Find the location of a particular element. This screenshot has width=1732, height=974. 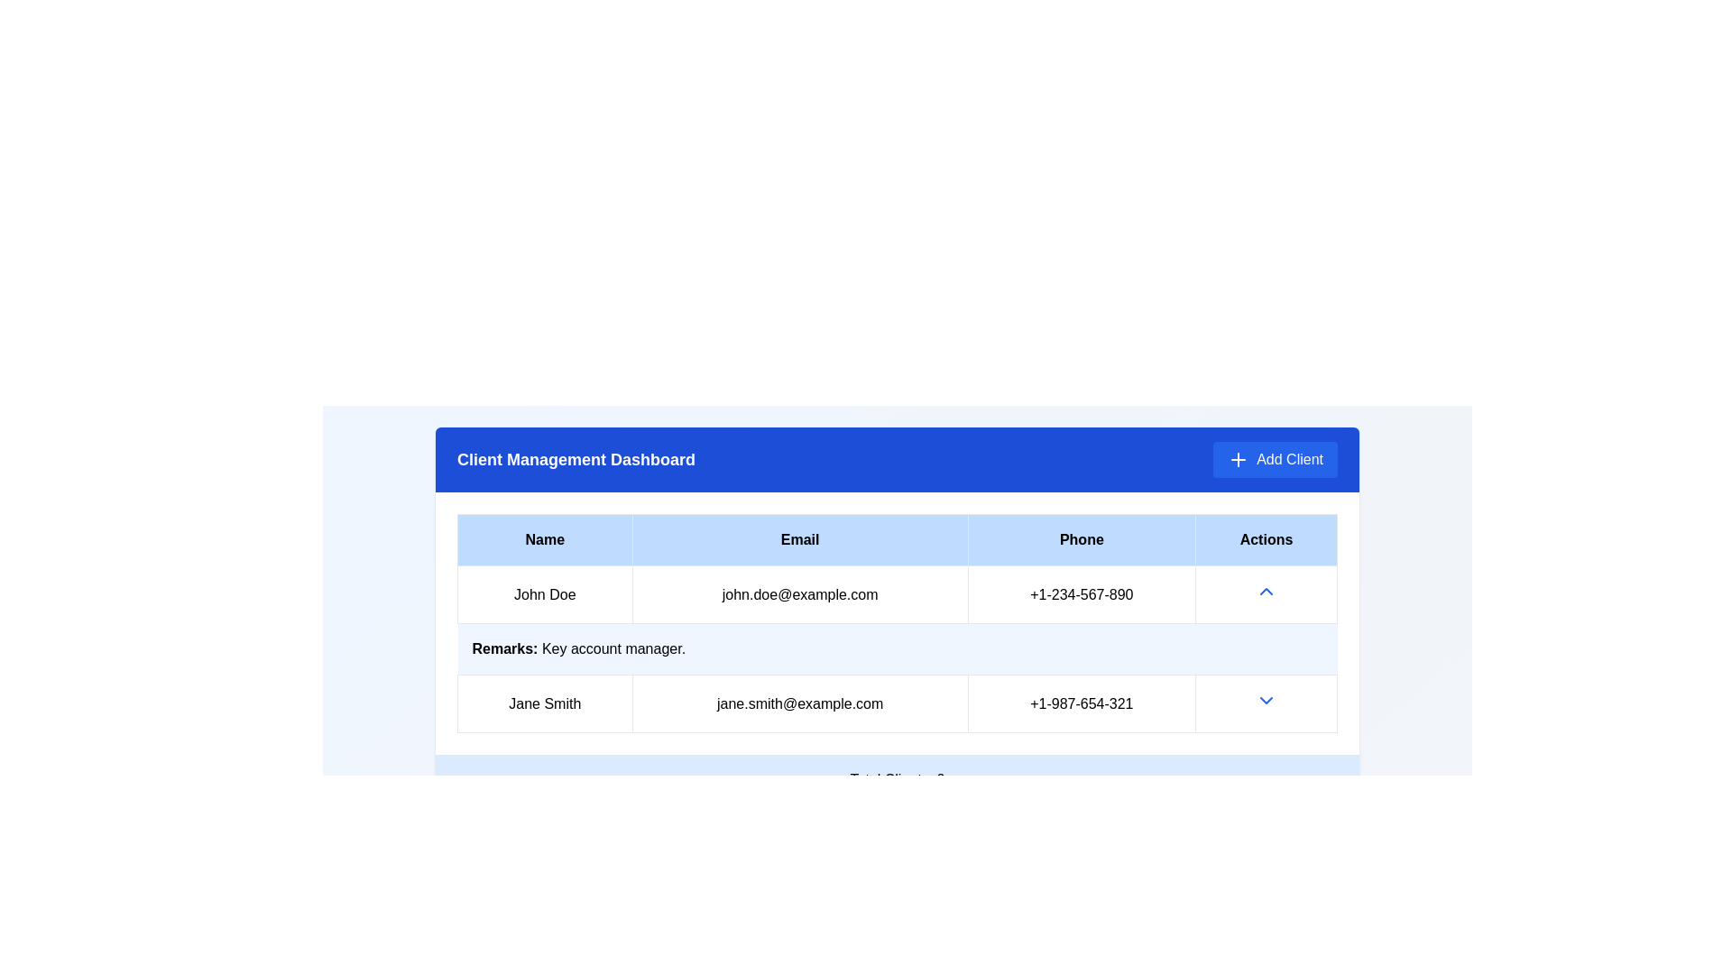

the phone number display located is located at coordinates (1082, 702).